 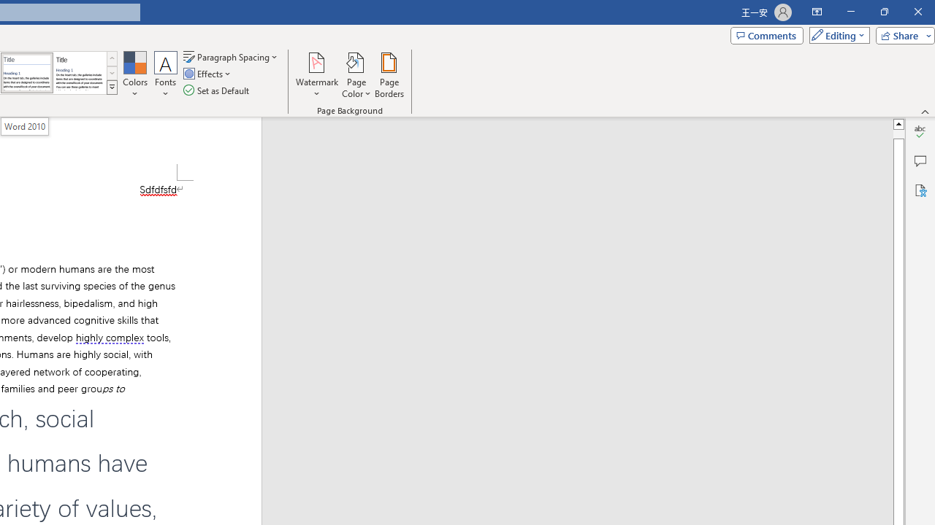 What do you see at coordinates (207, 74) in the screenshot?
I see `'Effects'` at bounding box center [207, 74].